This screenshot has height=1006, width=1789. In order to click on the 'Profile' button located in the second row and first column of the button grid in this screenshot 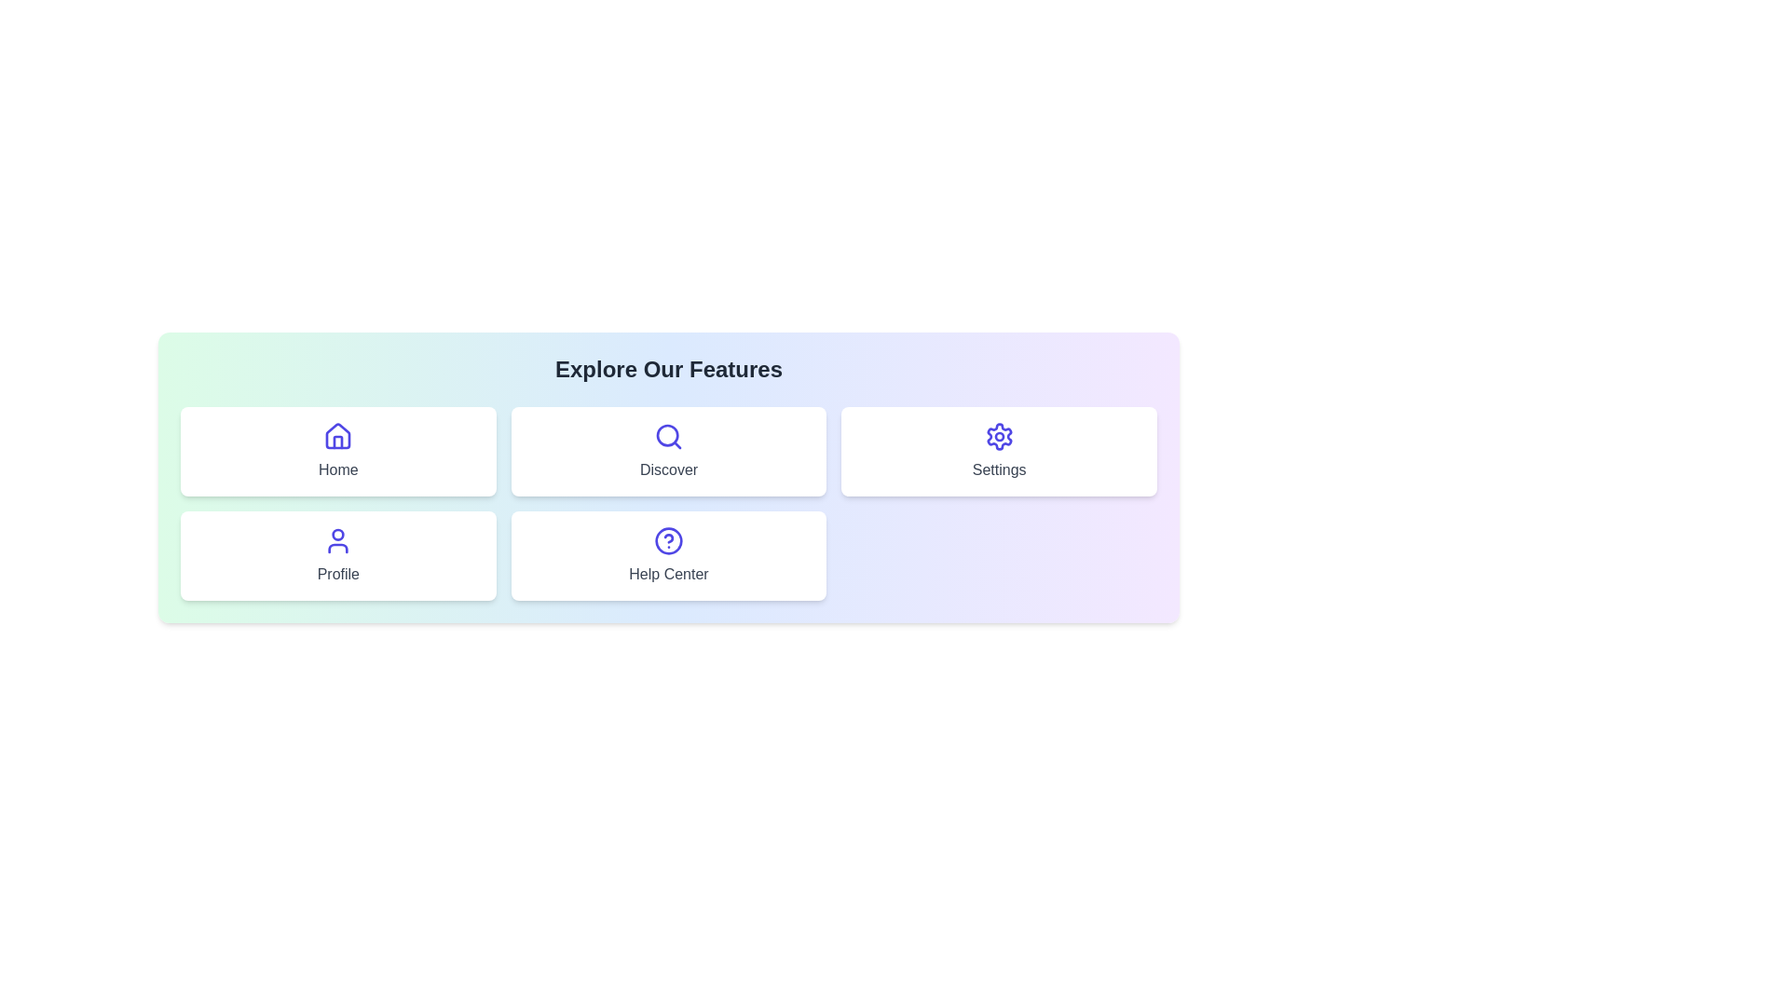, I will do `click(338, 555)`.